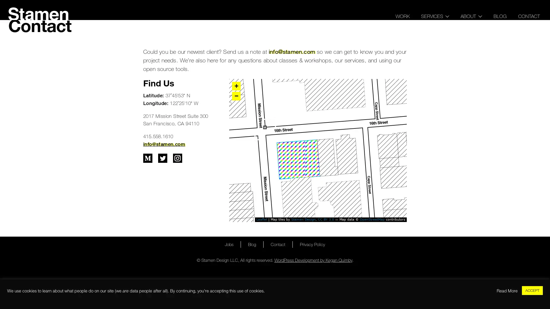  Describe the element at coordinates (236, 86) in the screenshot. I see `Zoom in` at that location.